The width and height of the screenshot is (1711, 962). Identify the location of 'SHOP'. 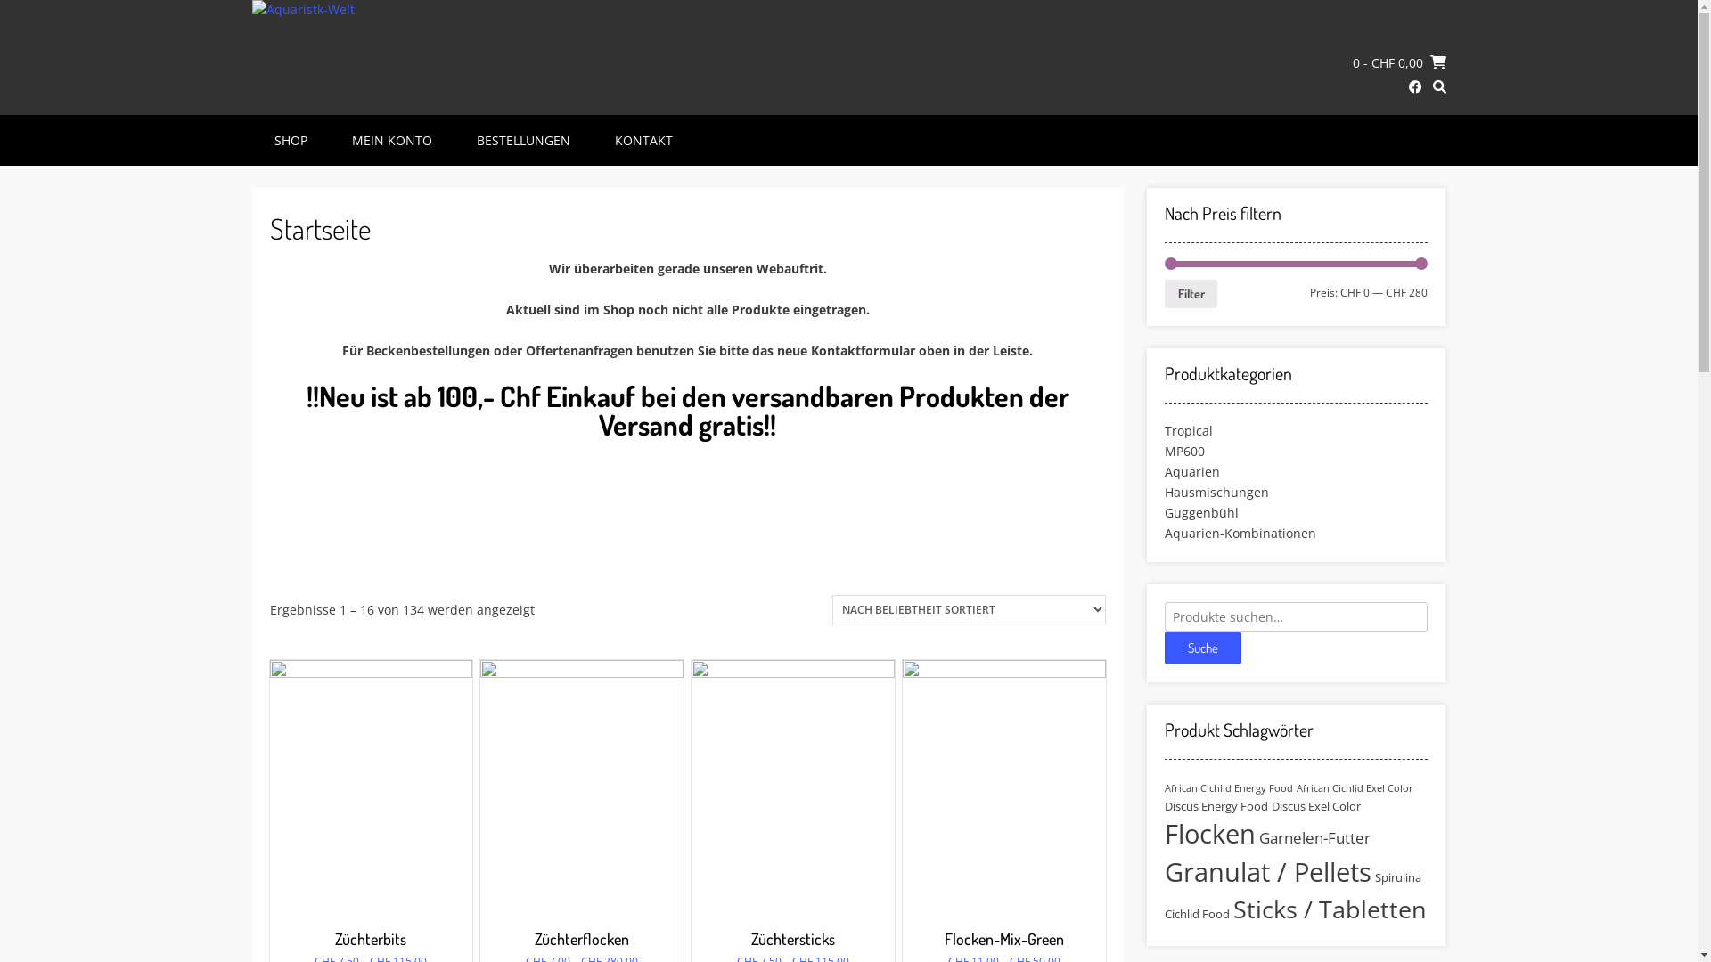
(291, 139).